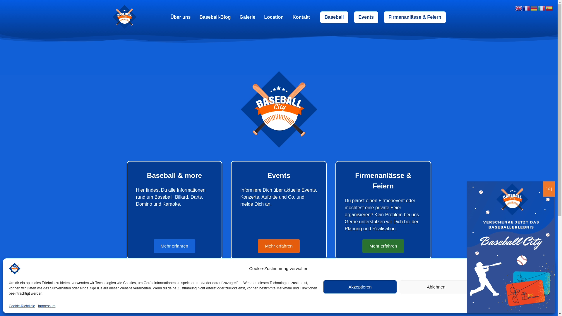 Image resolution: width=562 pixels, height=316 pixels. Describe the element at coordinates (323, 286) in the screenshot. I see `'Akzeptieren'` at that location.